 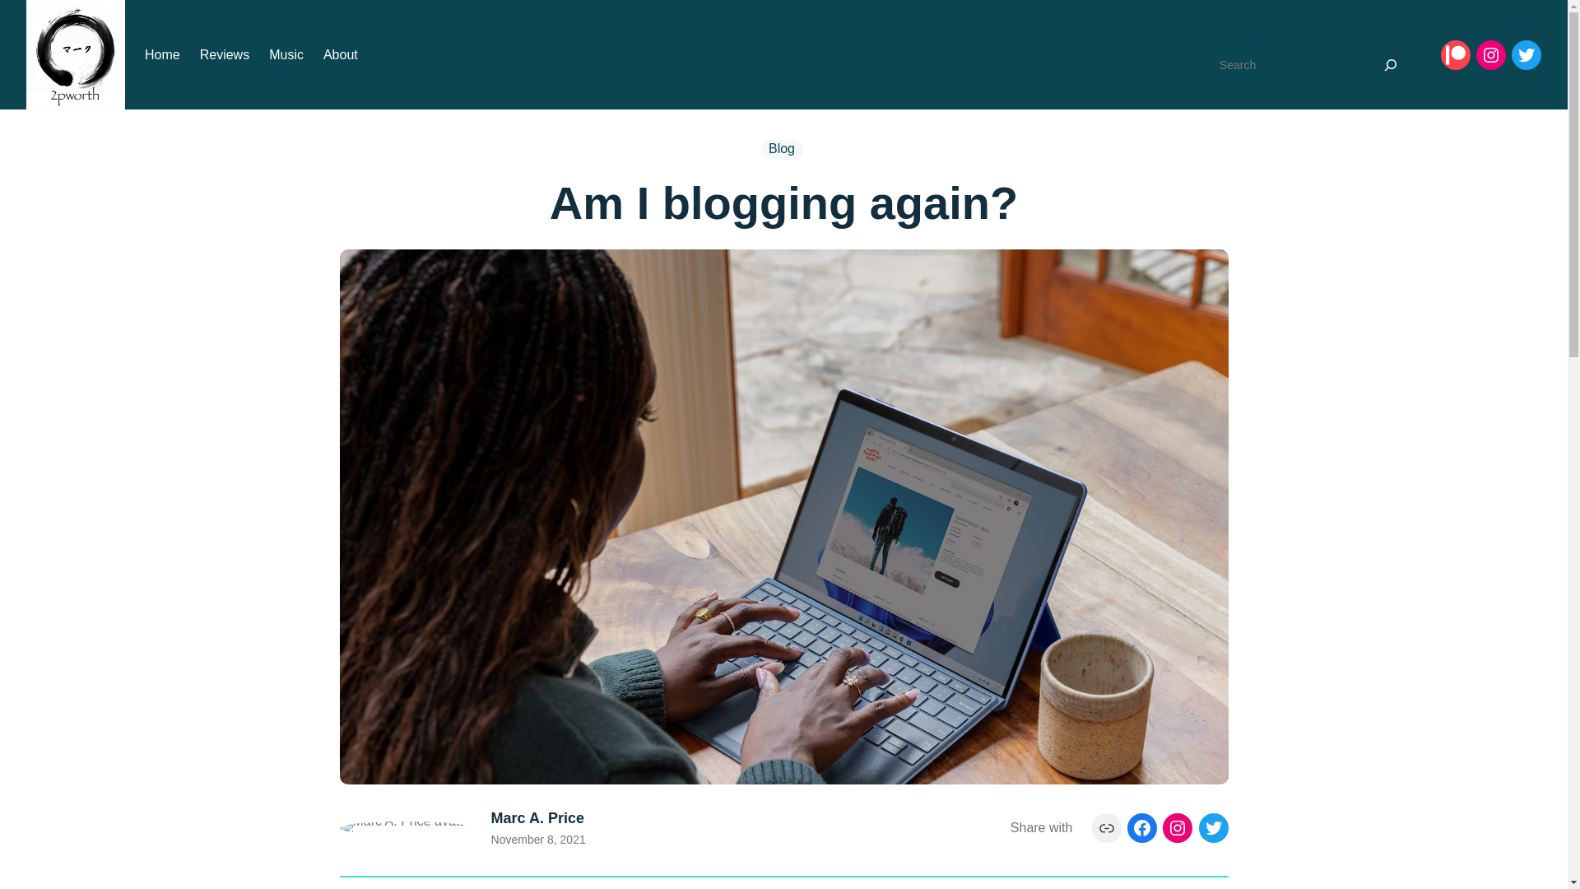 What do you see at coordinates (286, 54) in the screenshot?
I see `'Music'` at bounding box center [286, 54].